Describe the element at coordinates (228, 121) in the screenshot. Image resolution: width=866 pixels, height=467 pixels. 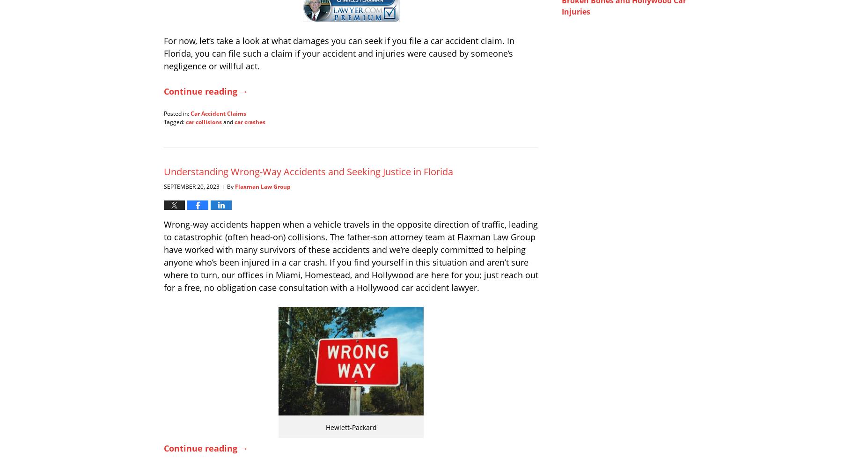
I see `'and'` at that location.